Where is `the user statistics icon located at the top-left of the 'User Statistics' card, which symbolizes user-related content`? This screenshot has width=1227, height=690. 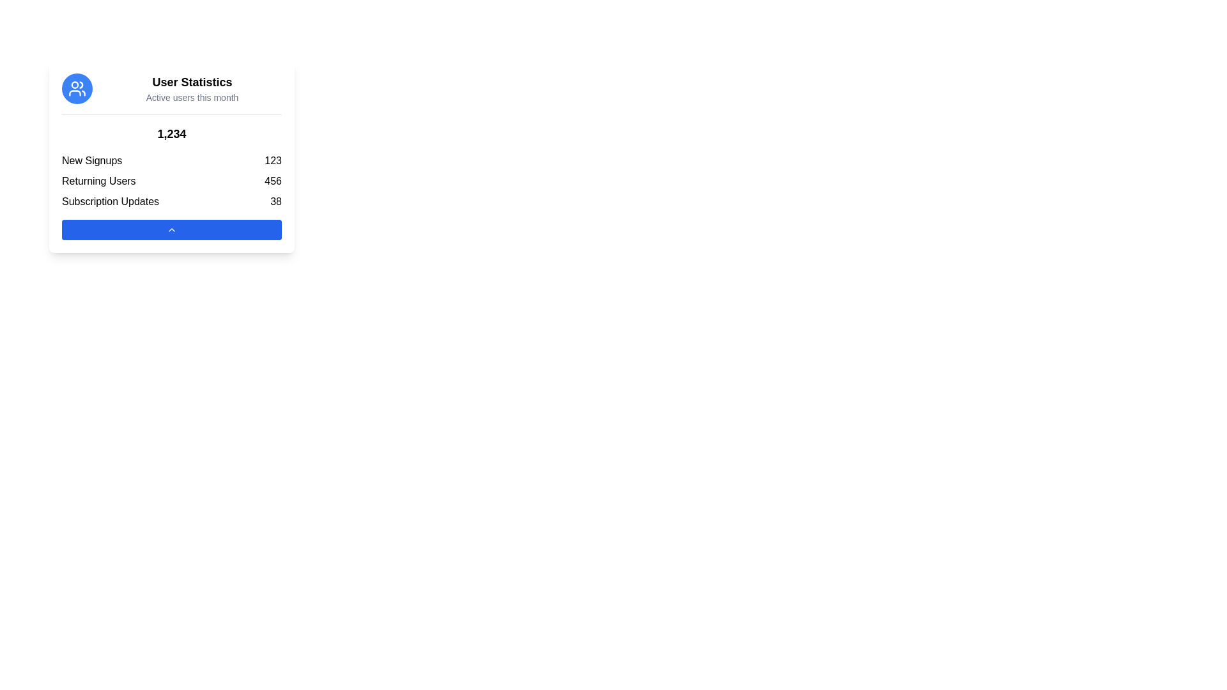 the user statistics icon located at the top-left of the 'User Statistics' card, which symbolizes user-related content is located at coordinates (76, 88).